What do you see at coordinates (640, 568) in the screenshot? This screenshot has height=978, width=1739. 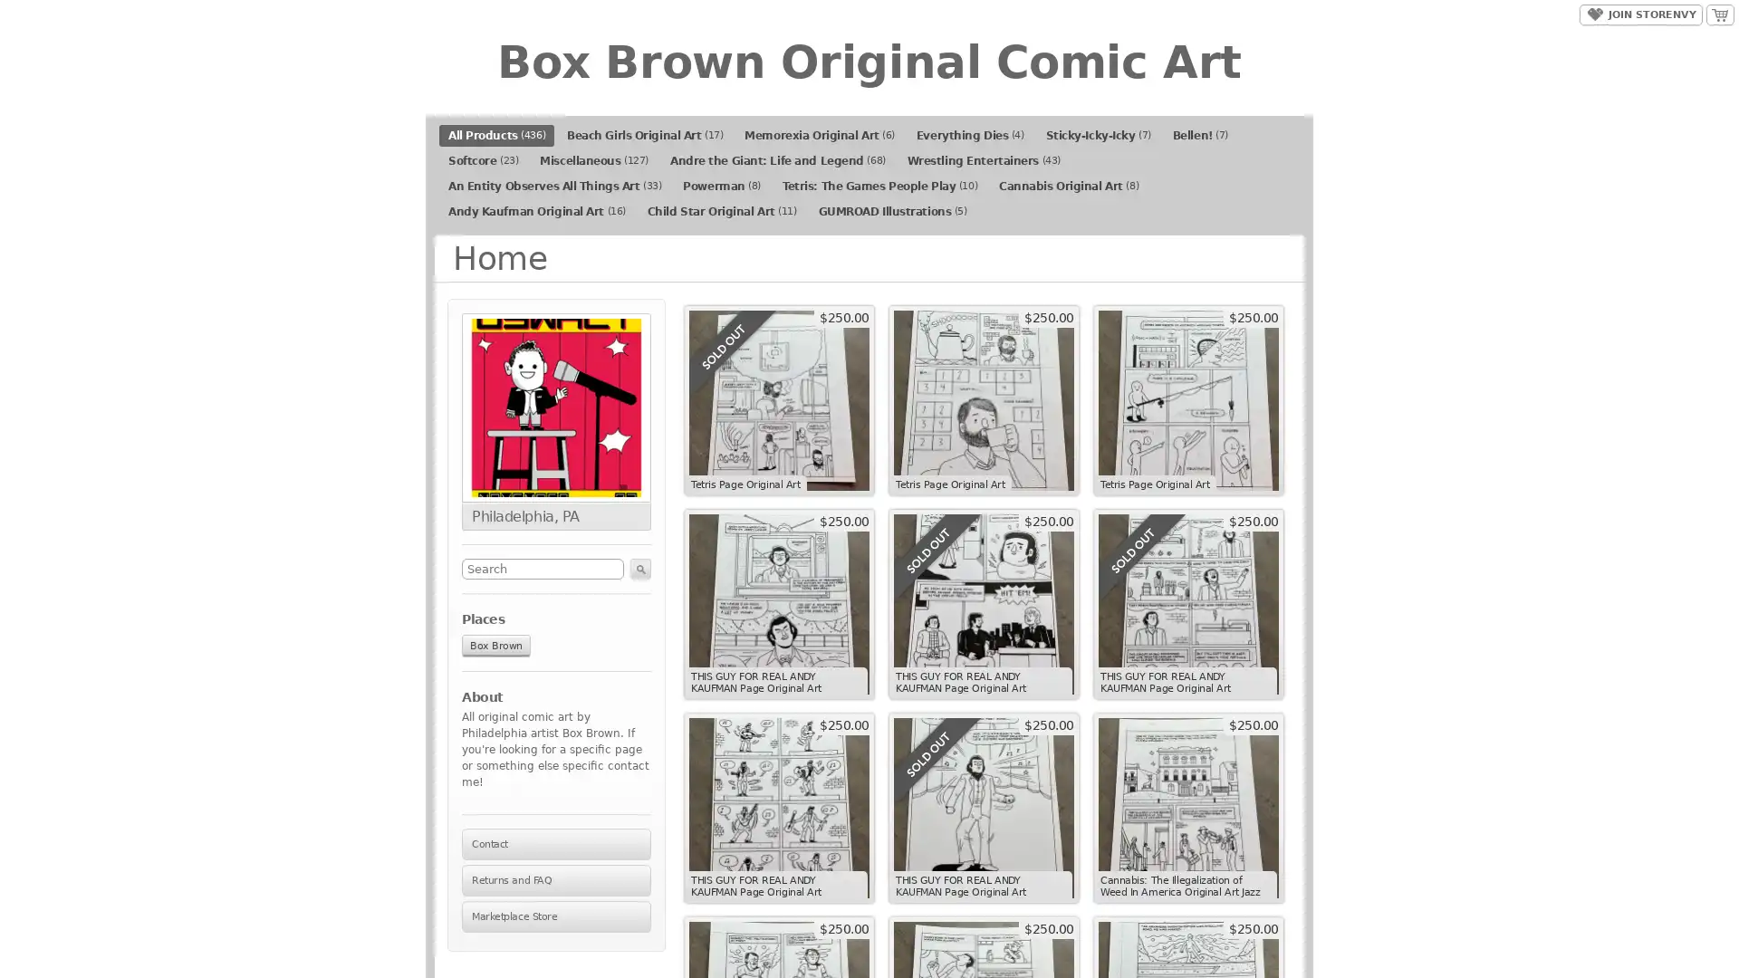 I see `Search` at bounding box center [640, 568].